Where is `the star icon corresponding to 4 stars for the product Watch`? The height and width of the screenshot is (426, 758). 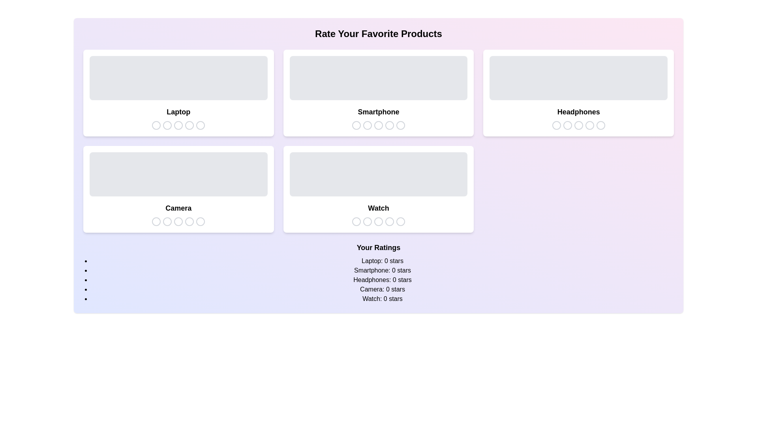
the star icon corresponding to 4 stars for the product Watch is located at coordinates (389, 222).